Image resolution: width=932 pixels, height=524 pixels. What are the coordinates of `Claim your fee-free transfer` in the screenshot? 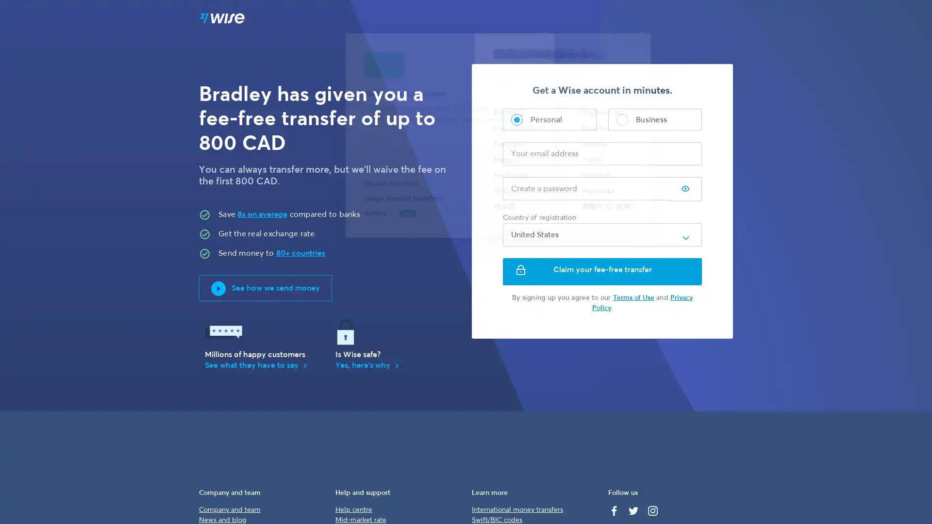 It's located at (602, 271).